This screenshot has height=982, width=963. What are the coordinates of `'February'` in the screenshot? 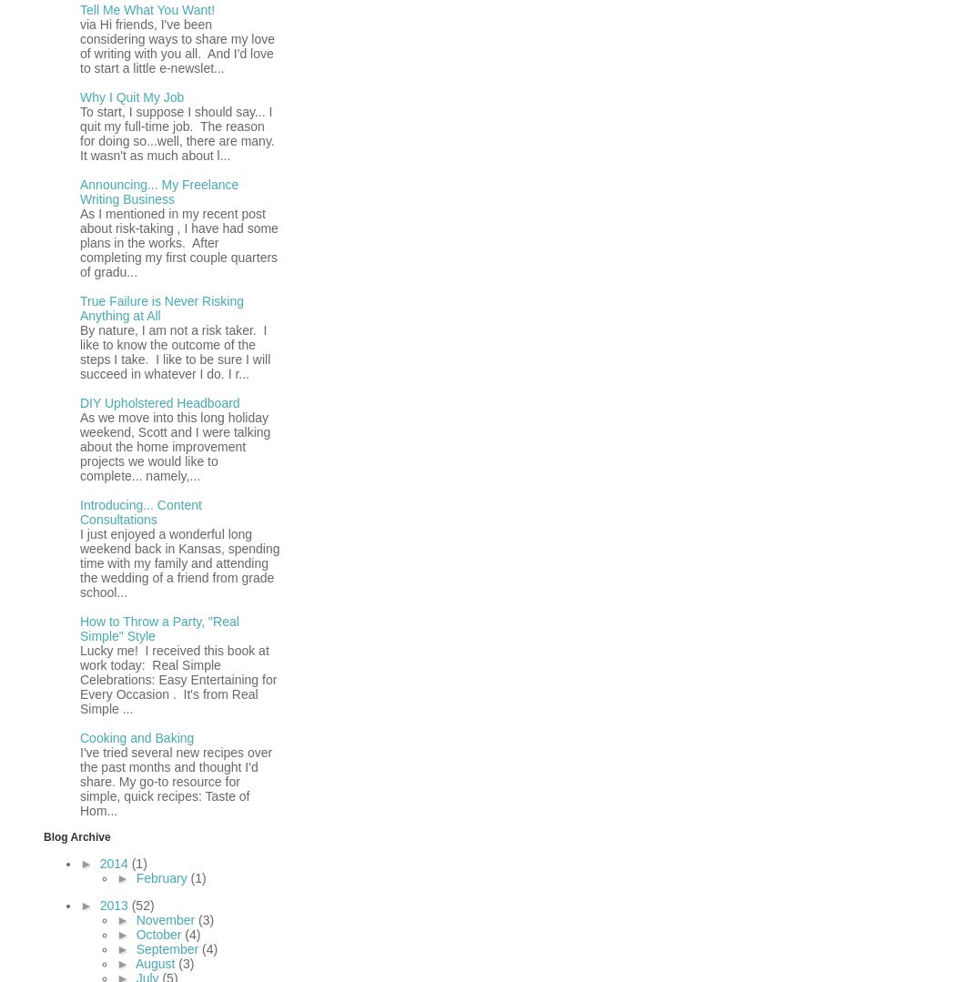 It's located at (163, 876).